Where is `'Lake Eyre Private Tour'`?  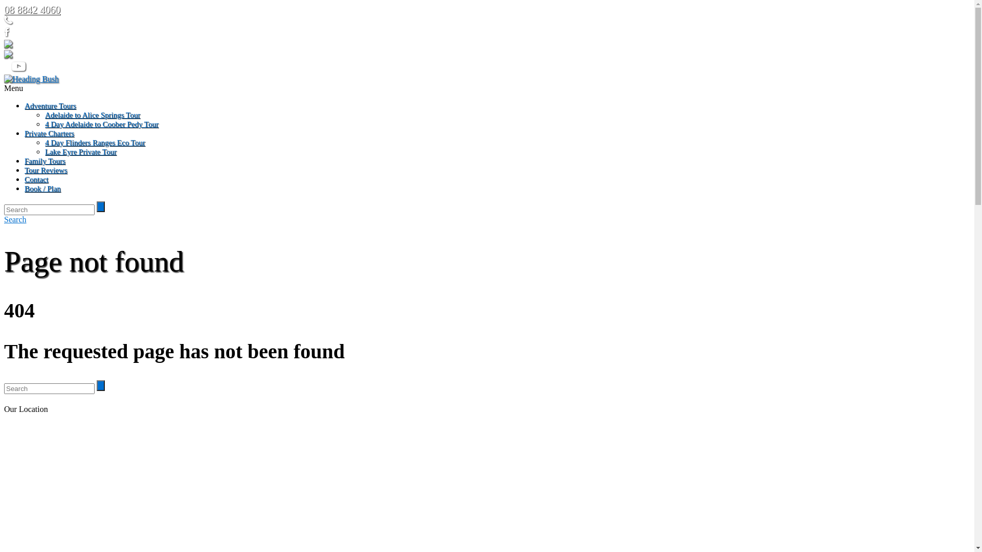 'Lake Eyre Private Tour' is located at coordinates (80, 152).